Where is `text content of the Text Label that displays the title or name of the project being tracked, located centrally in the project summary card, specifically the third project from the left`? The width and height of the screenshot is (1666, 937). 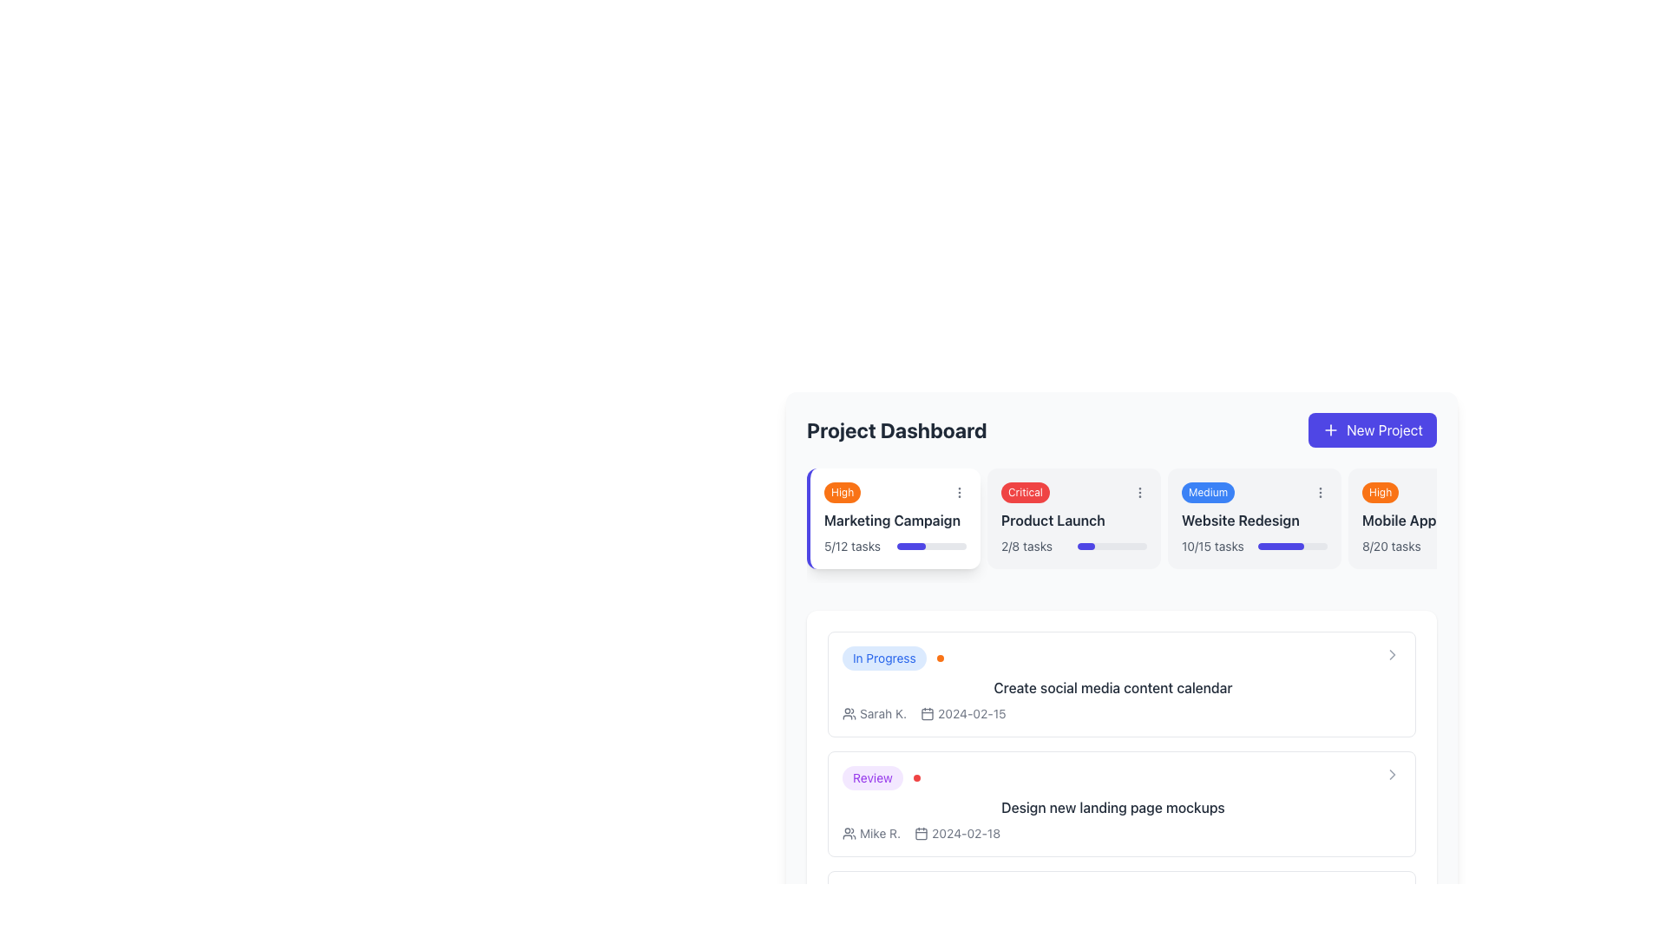
text content of the Text Label that displays the title or name of the project being tracked, located centrally in the project summary card, specifically the third project from the left is located at coordinates (1254, 520).